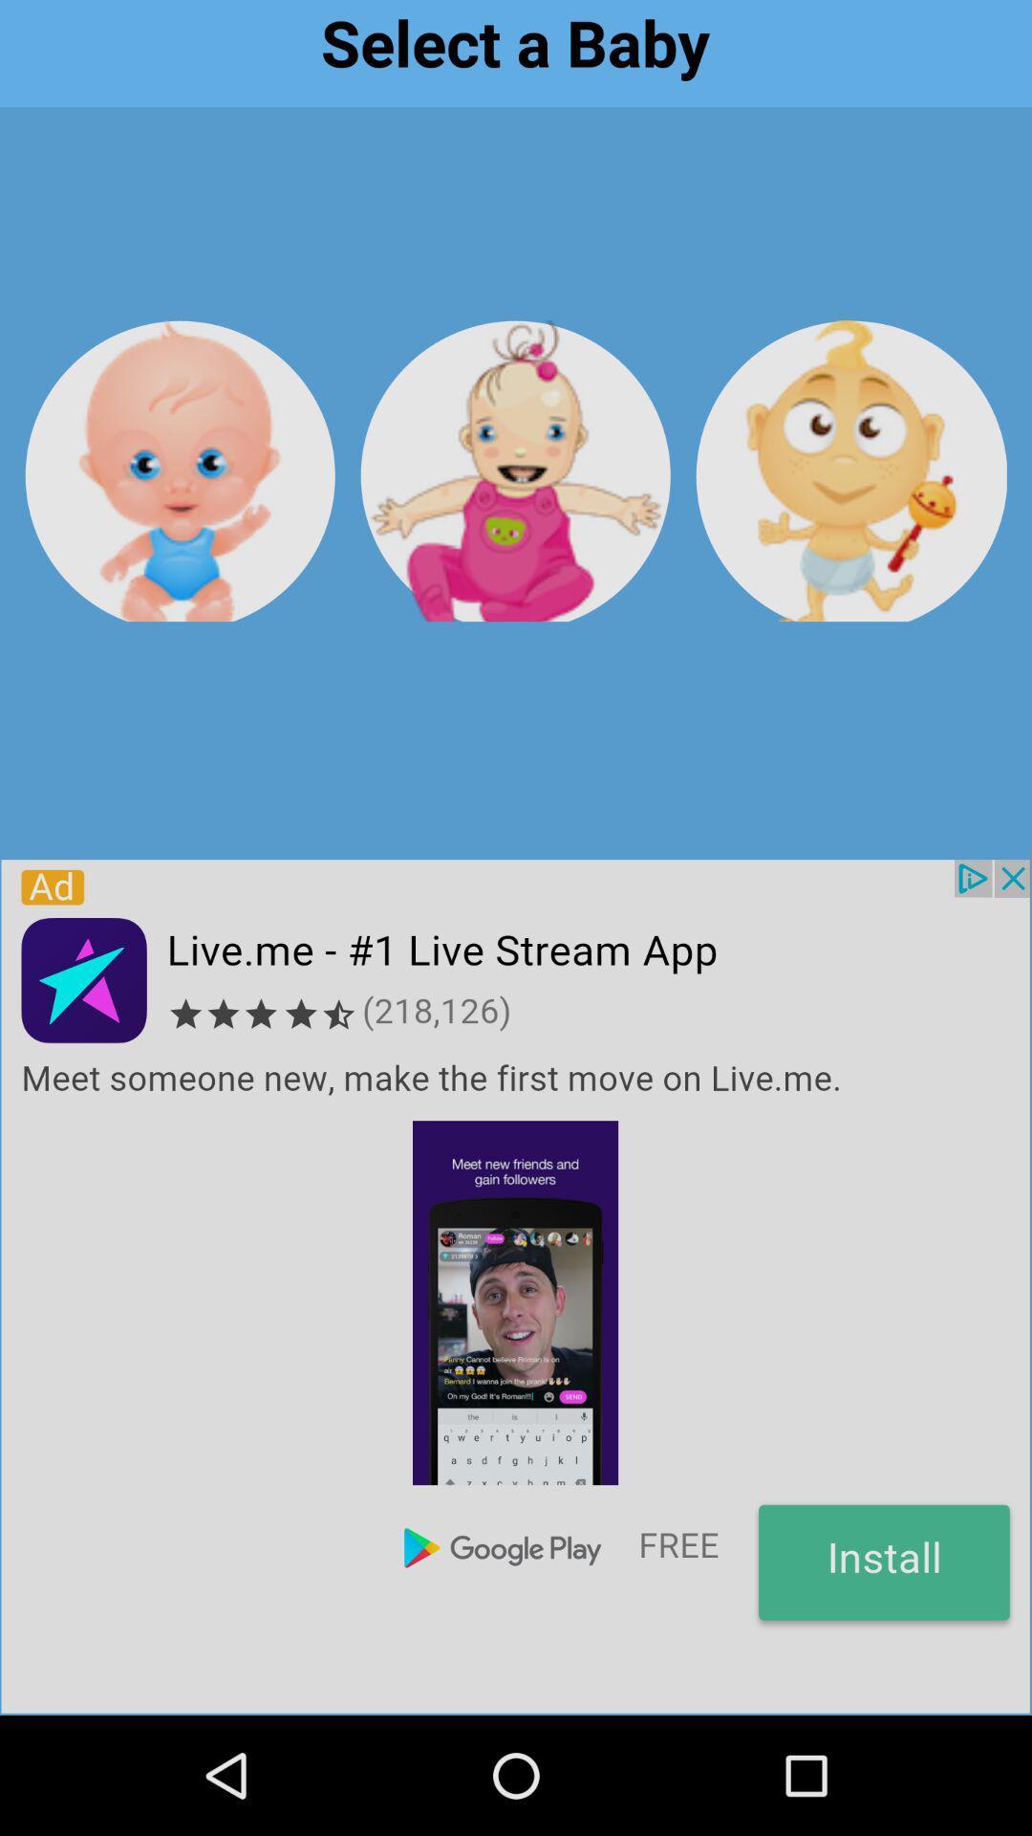 This screenshot has height=1836, width=1032. What do you see at coordinates (850, 470) in the screenshot?
I see `baby` at bounding box center [850, 470].